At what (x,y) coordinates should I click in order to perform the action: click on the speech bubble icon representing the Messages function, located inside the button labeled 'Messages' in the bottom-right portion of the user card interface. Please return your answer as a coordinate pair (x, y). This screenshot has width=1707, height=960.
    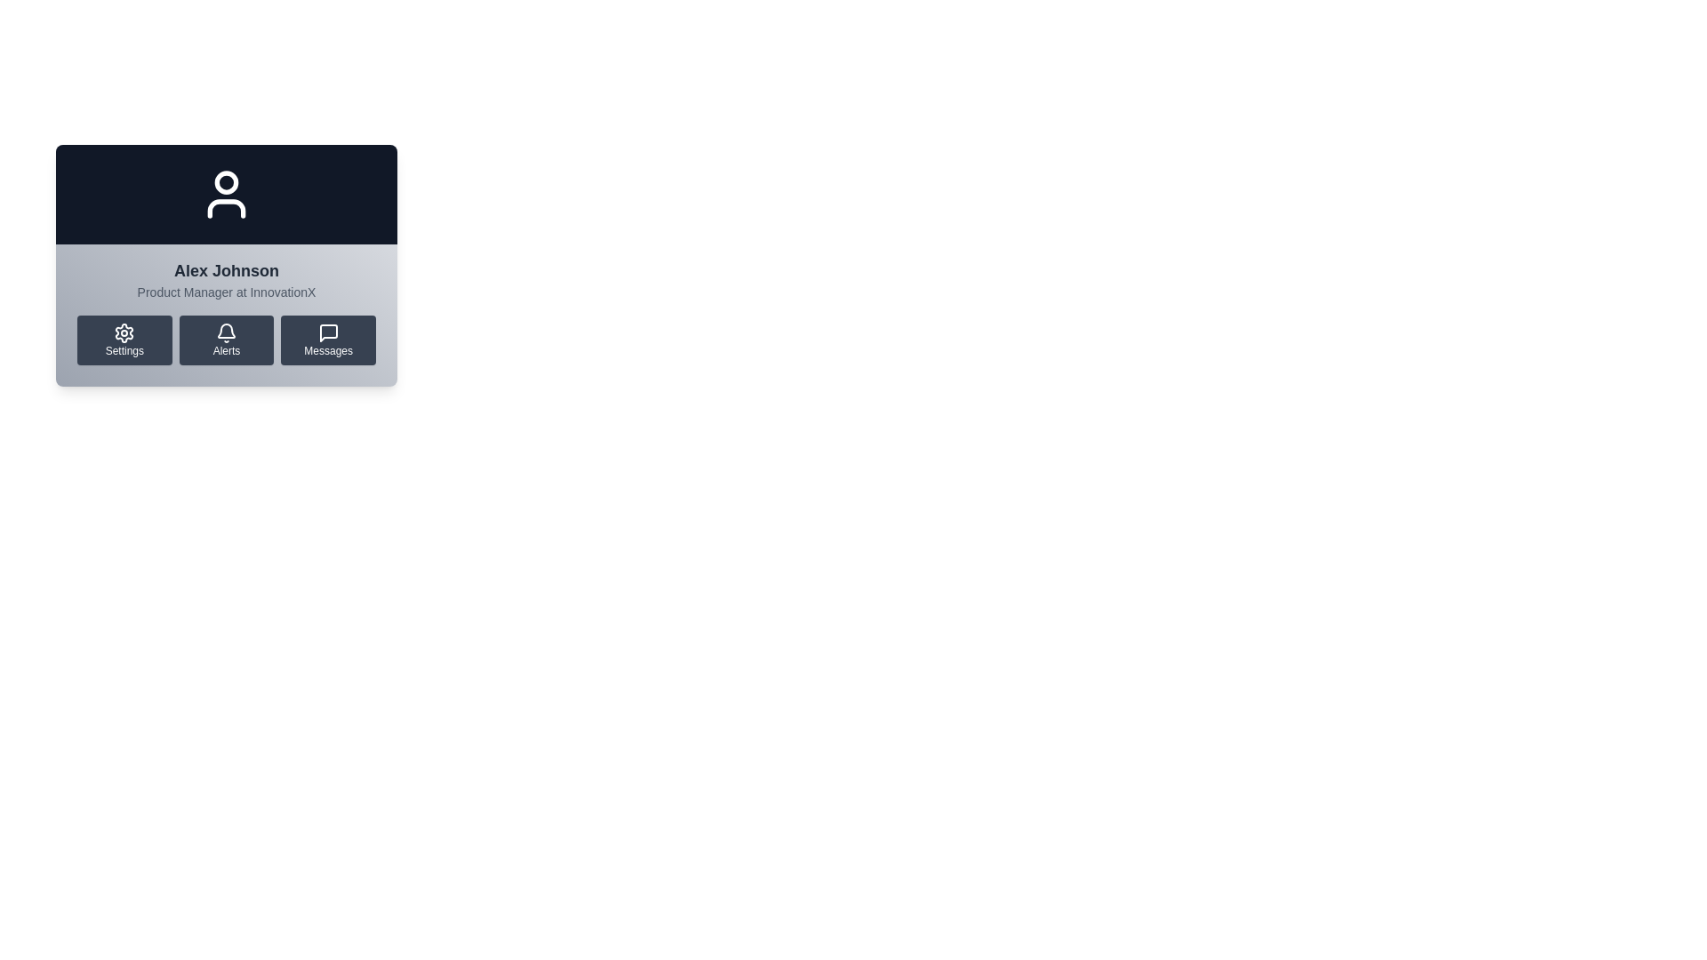
    Looking at the image, I should click on (328, 332).